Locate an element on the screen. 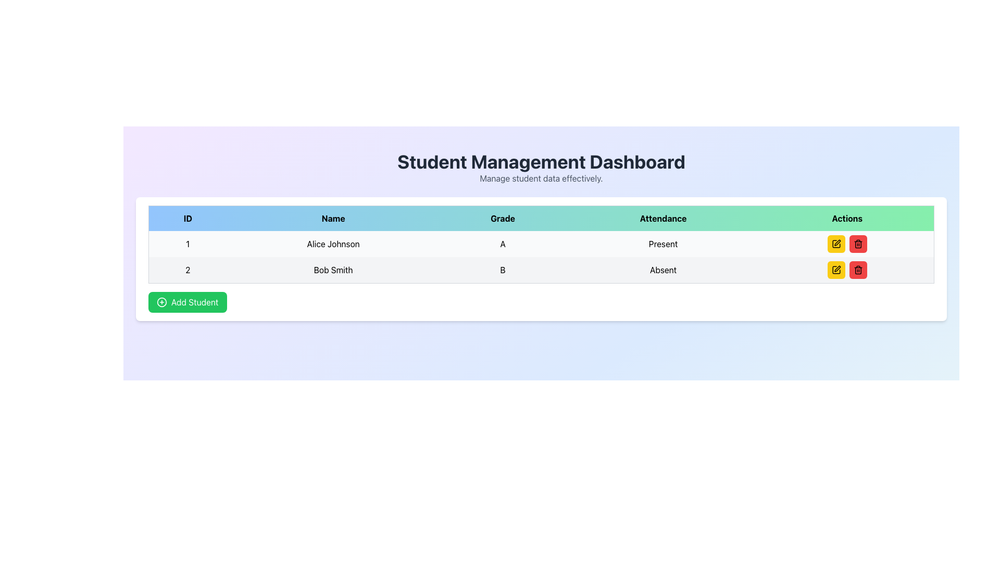  the Text label displaying the student ID for Alice Johnson, located in the first row and first column of the table under the 'ID' header is located at coordinates (187, 244).